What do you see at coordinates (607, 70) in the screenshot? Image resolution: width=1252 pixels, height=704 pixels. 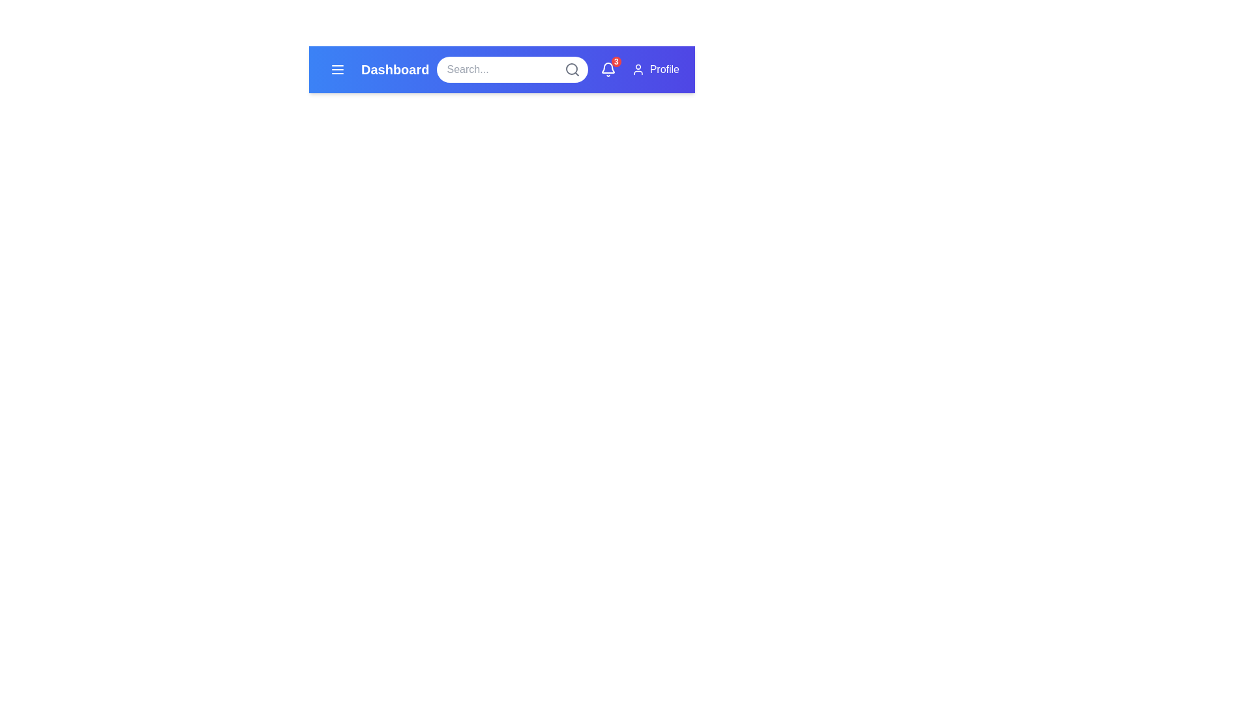 I see `the bell icon located at the top-right corner of the interface` at bounding box center [607, 70].